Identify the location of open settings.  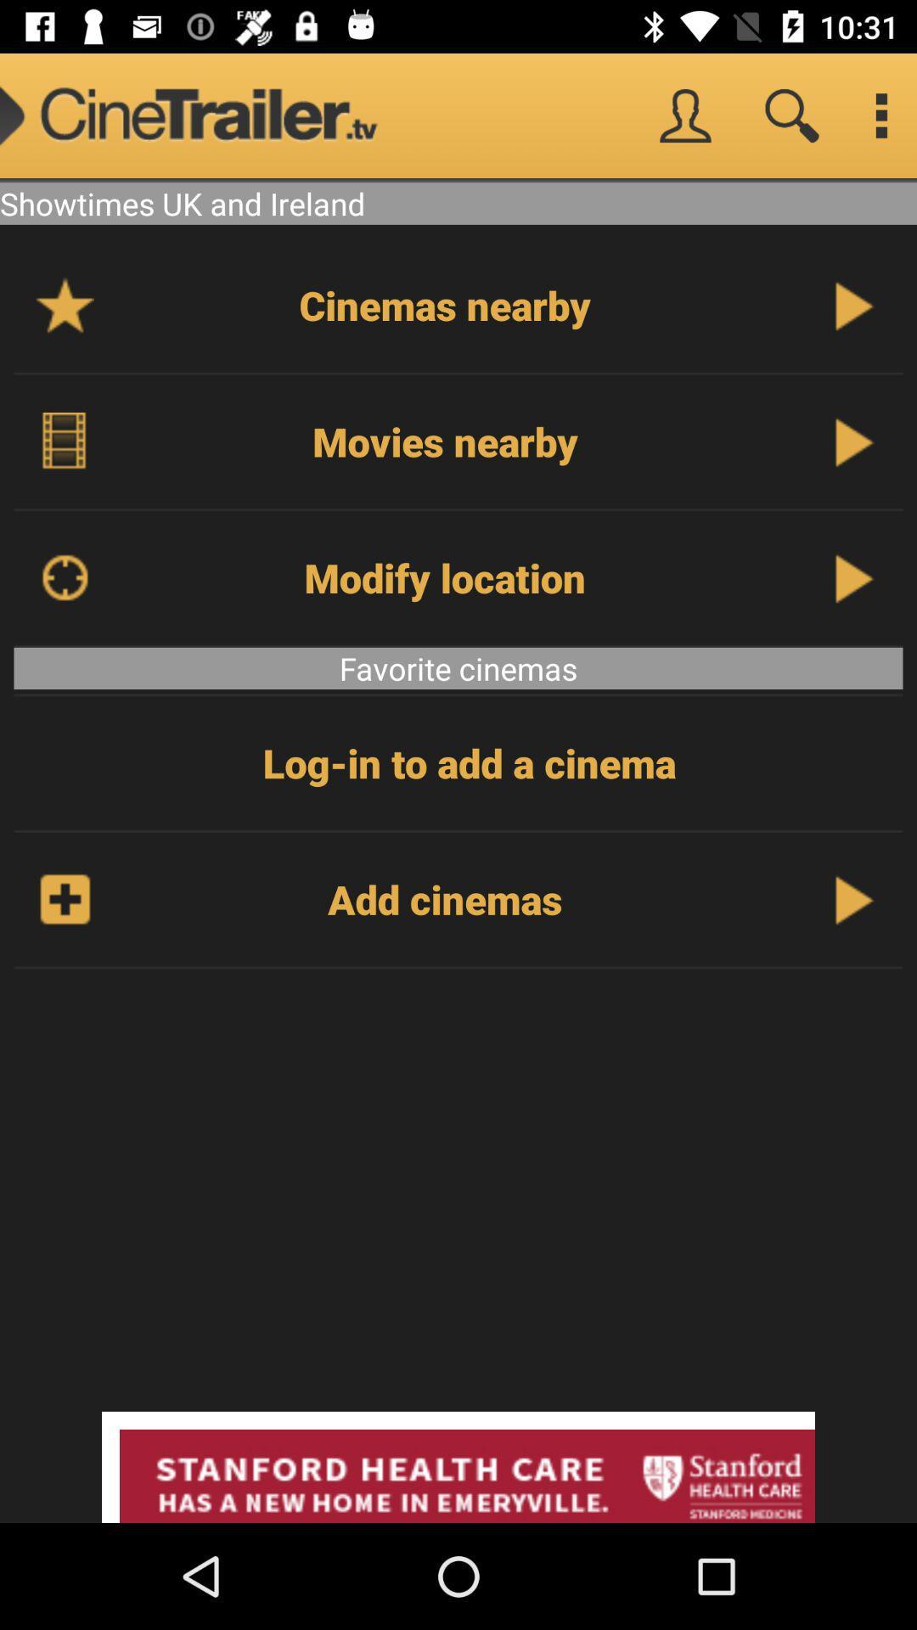
(880, 115).